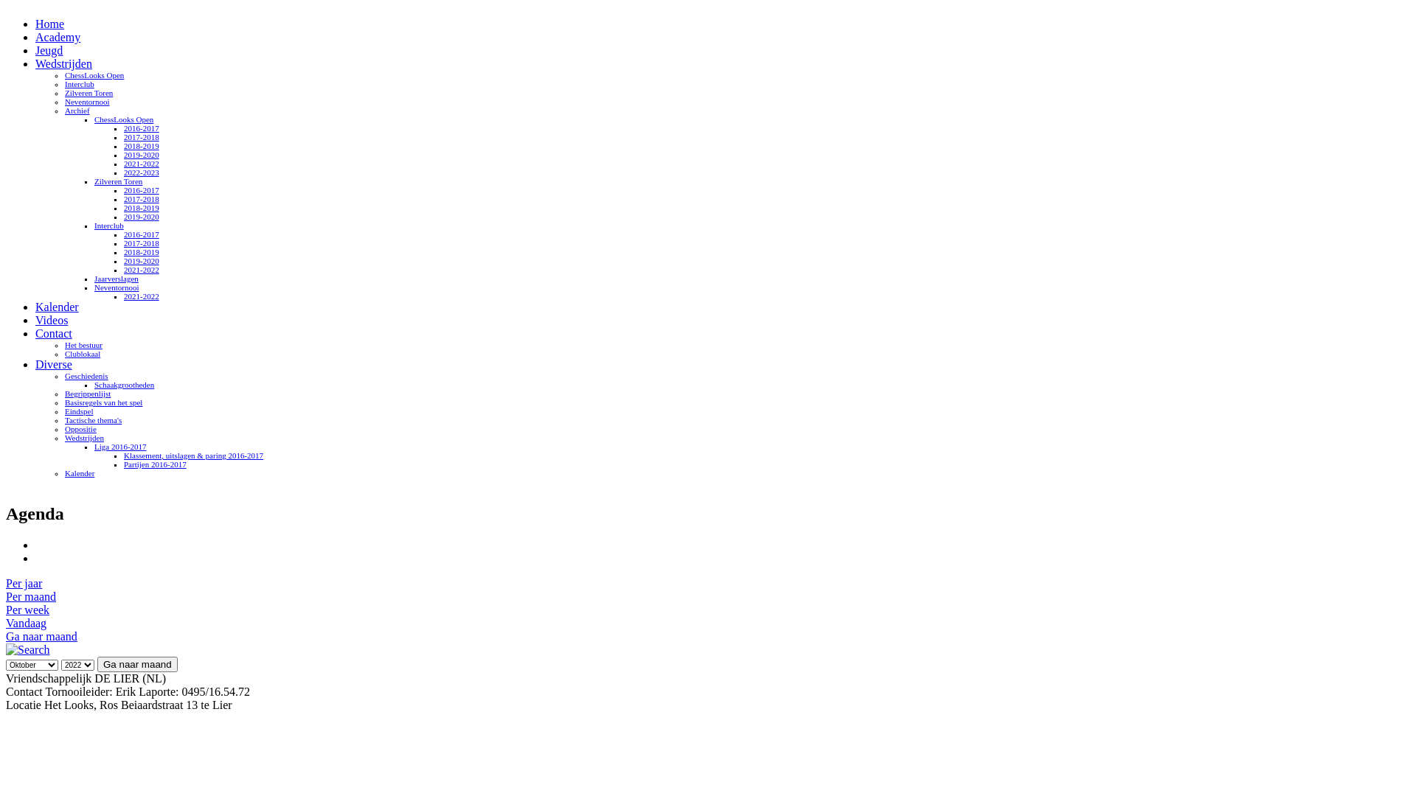 This screenshot has height=796, width=1416. I want to click on '2019-2020', so click(142, 216).